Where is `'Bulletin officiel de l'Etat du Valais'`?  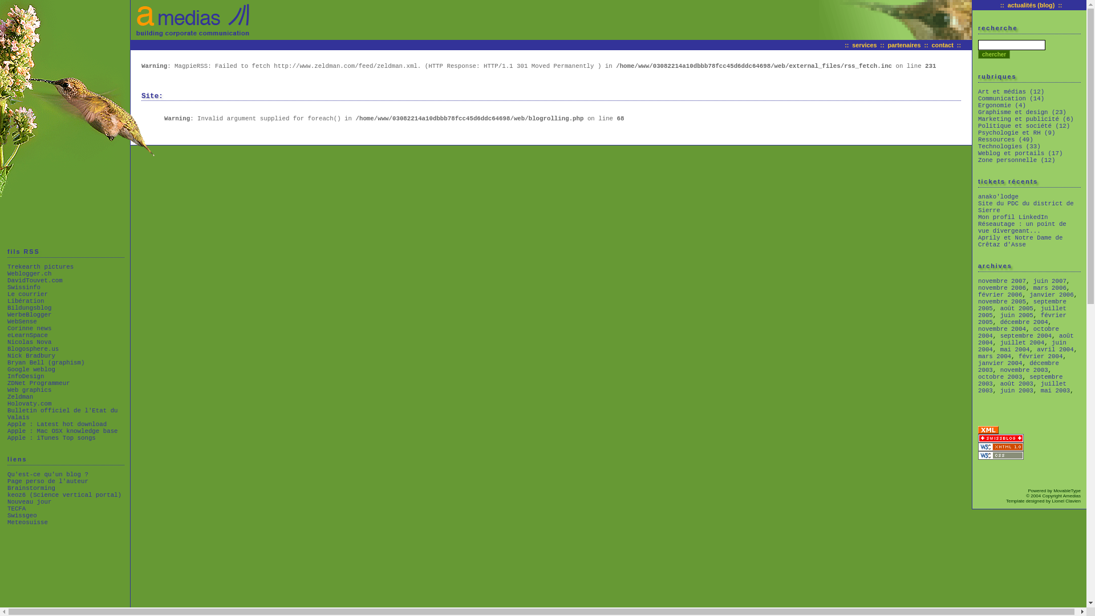 'Bulletin officiel de l'Etat du Valais' is located at coordinates (62, 414).